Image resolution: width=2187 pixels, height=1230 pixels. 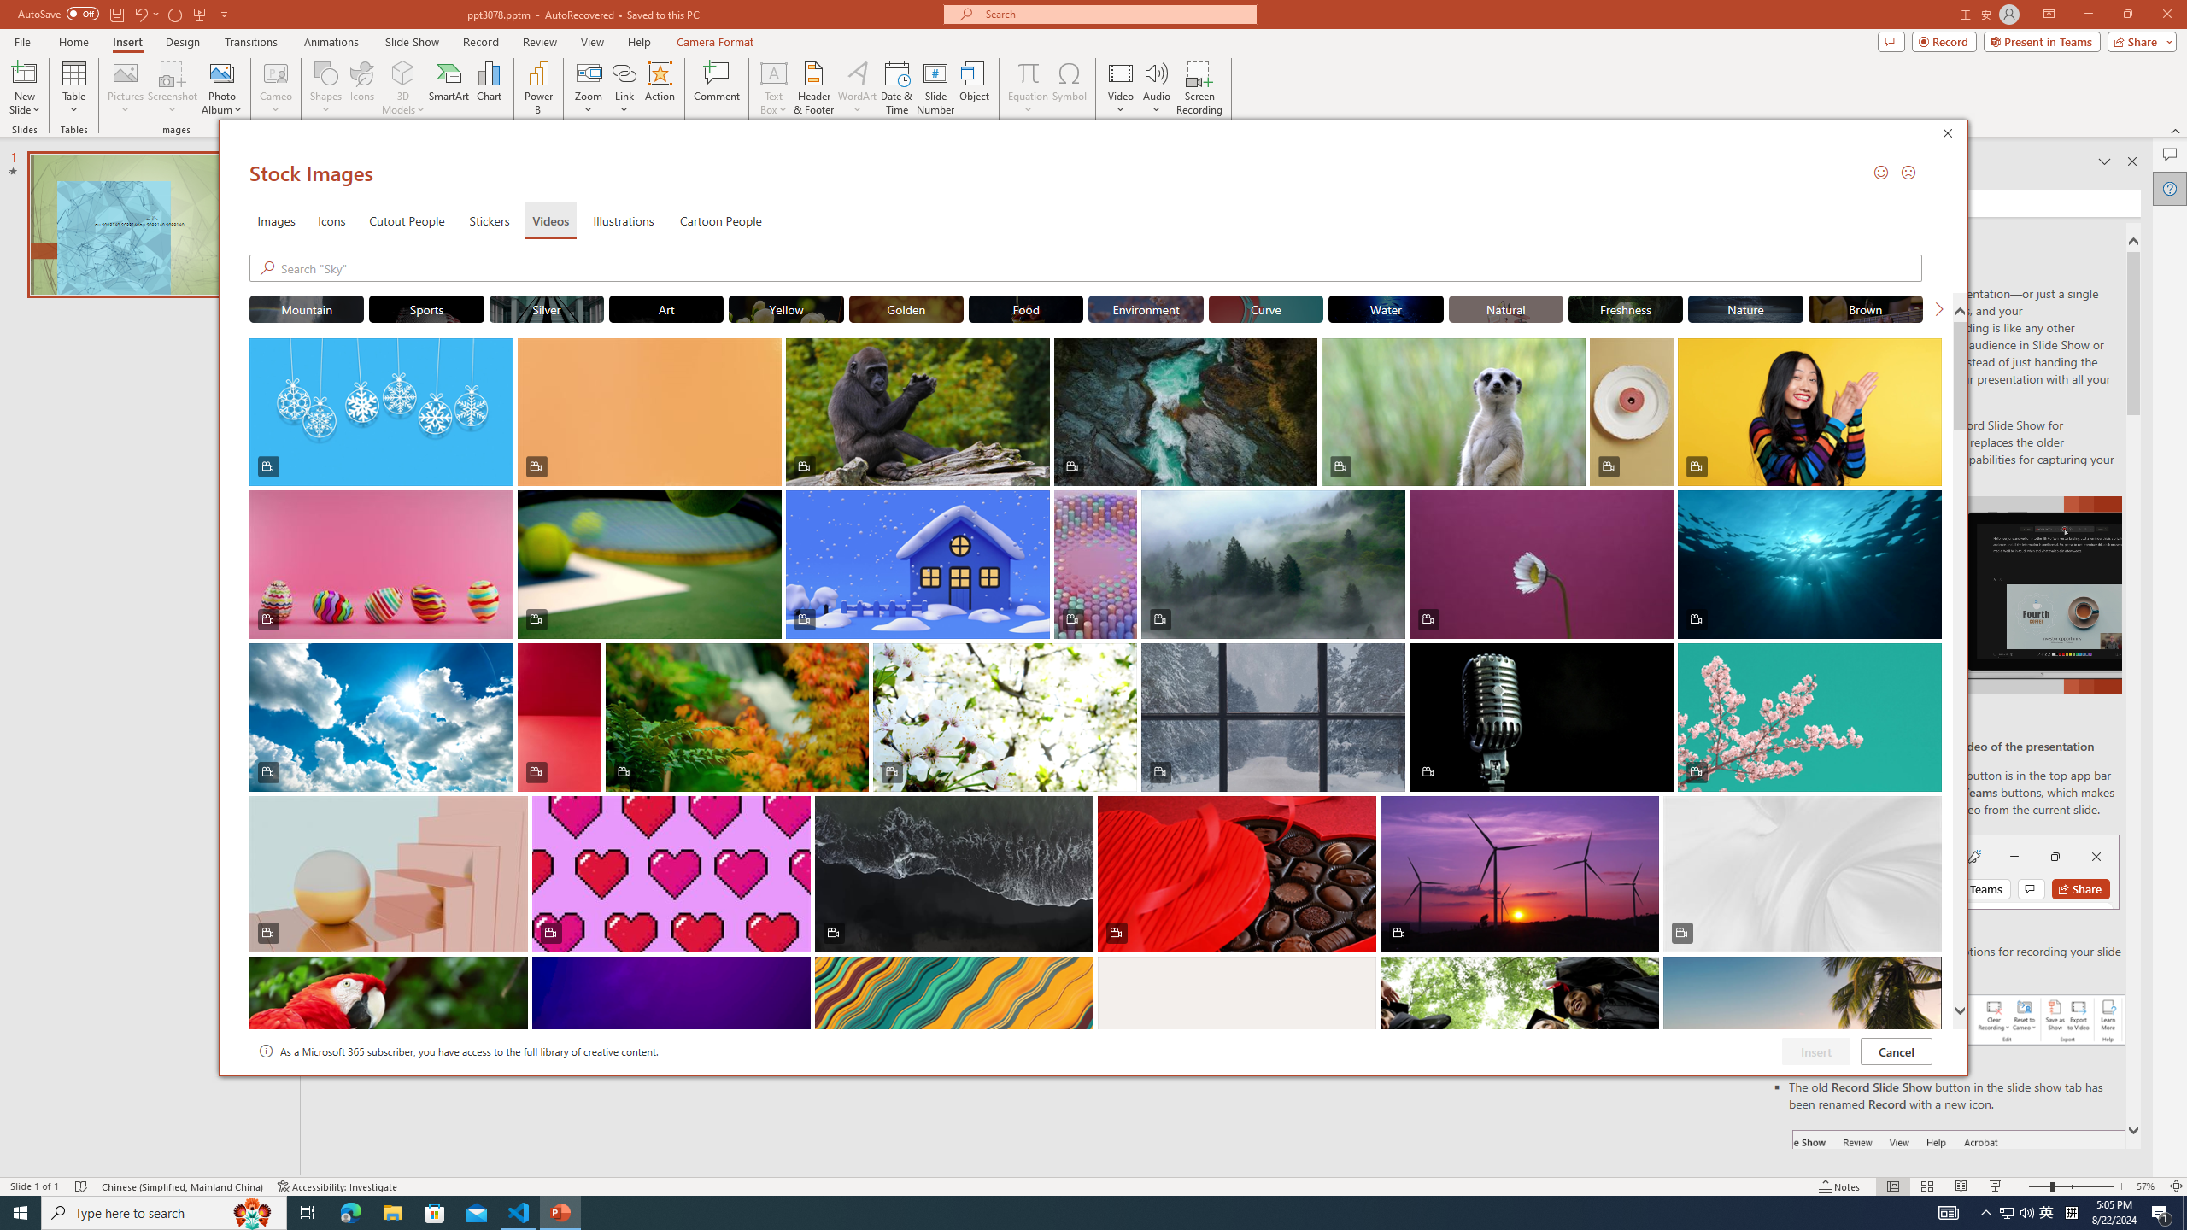 What do you see at coordinates (660, 88) in the screenshot?
I see `'Action'` at bounding box center [660, 88].